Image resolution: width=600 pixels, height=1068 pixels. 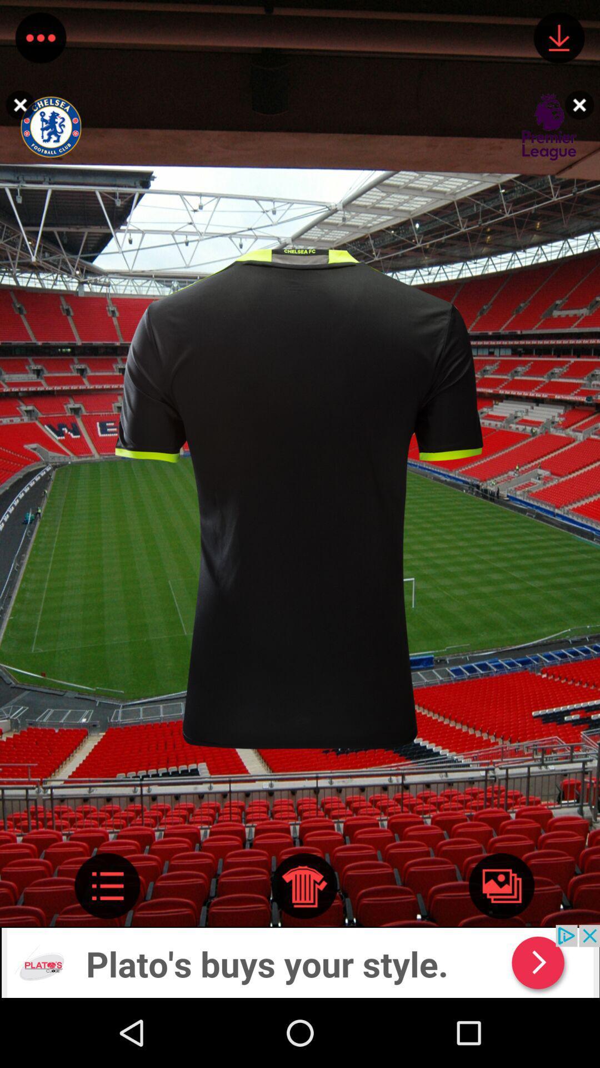 What do you see at coordinates (559, 40) in the screenshot?
I see `the file_download icon` at bounding box center [559, 40].